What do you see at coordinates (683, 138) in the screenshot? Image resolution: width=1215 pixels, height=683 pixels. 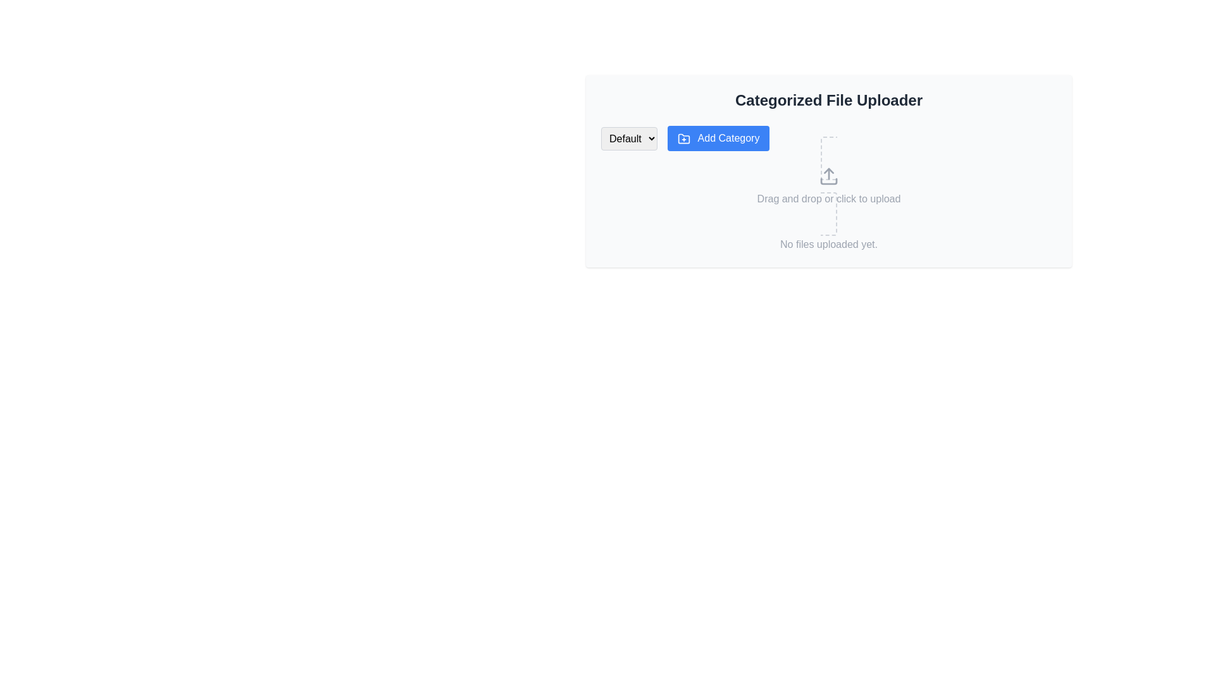 I see `the SVG graphic element representing a folder, located to the left of the 'Add Category' button` at bounding box center [683, 138].